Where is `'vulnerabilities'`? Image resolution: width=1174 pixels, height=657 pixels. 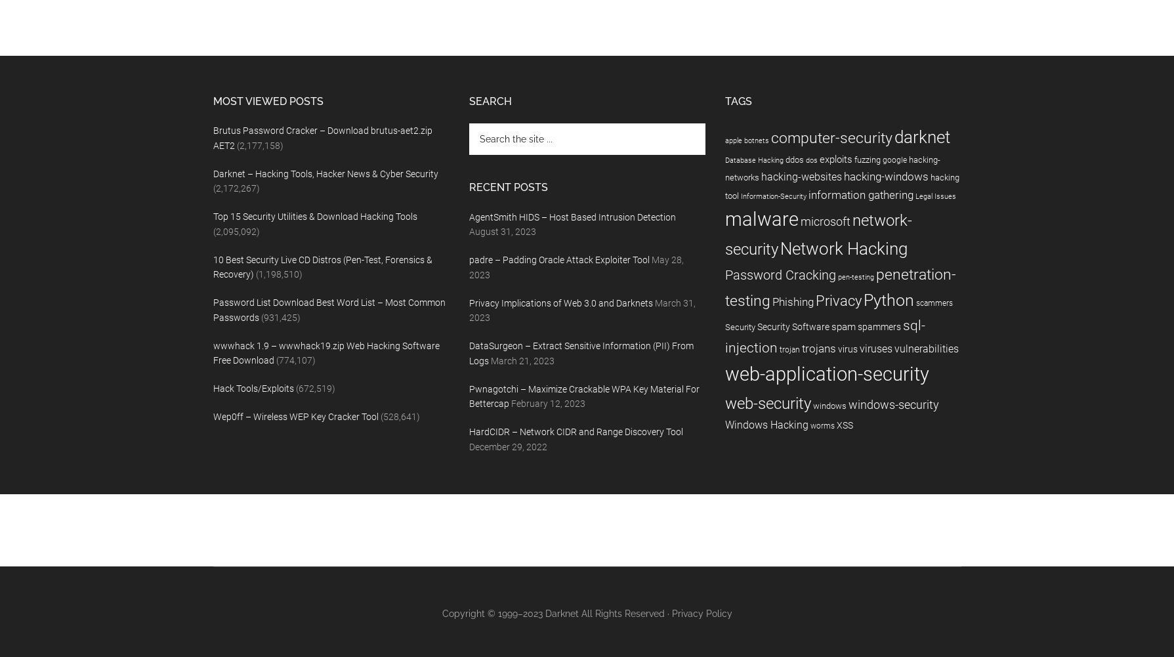 'vulnerabilities' is located at coordinates (925, 348).